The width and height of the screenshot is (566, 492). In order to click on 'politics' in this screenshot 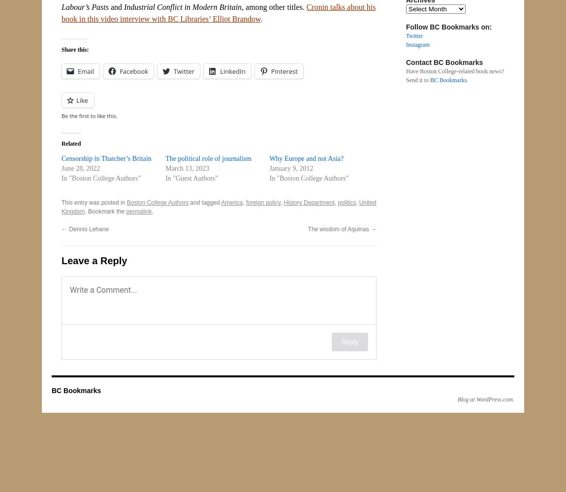, I will do `click(337, 203)`.